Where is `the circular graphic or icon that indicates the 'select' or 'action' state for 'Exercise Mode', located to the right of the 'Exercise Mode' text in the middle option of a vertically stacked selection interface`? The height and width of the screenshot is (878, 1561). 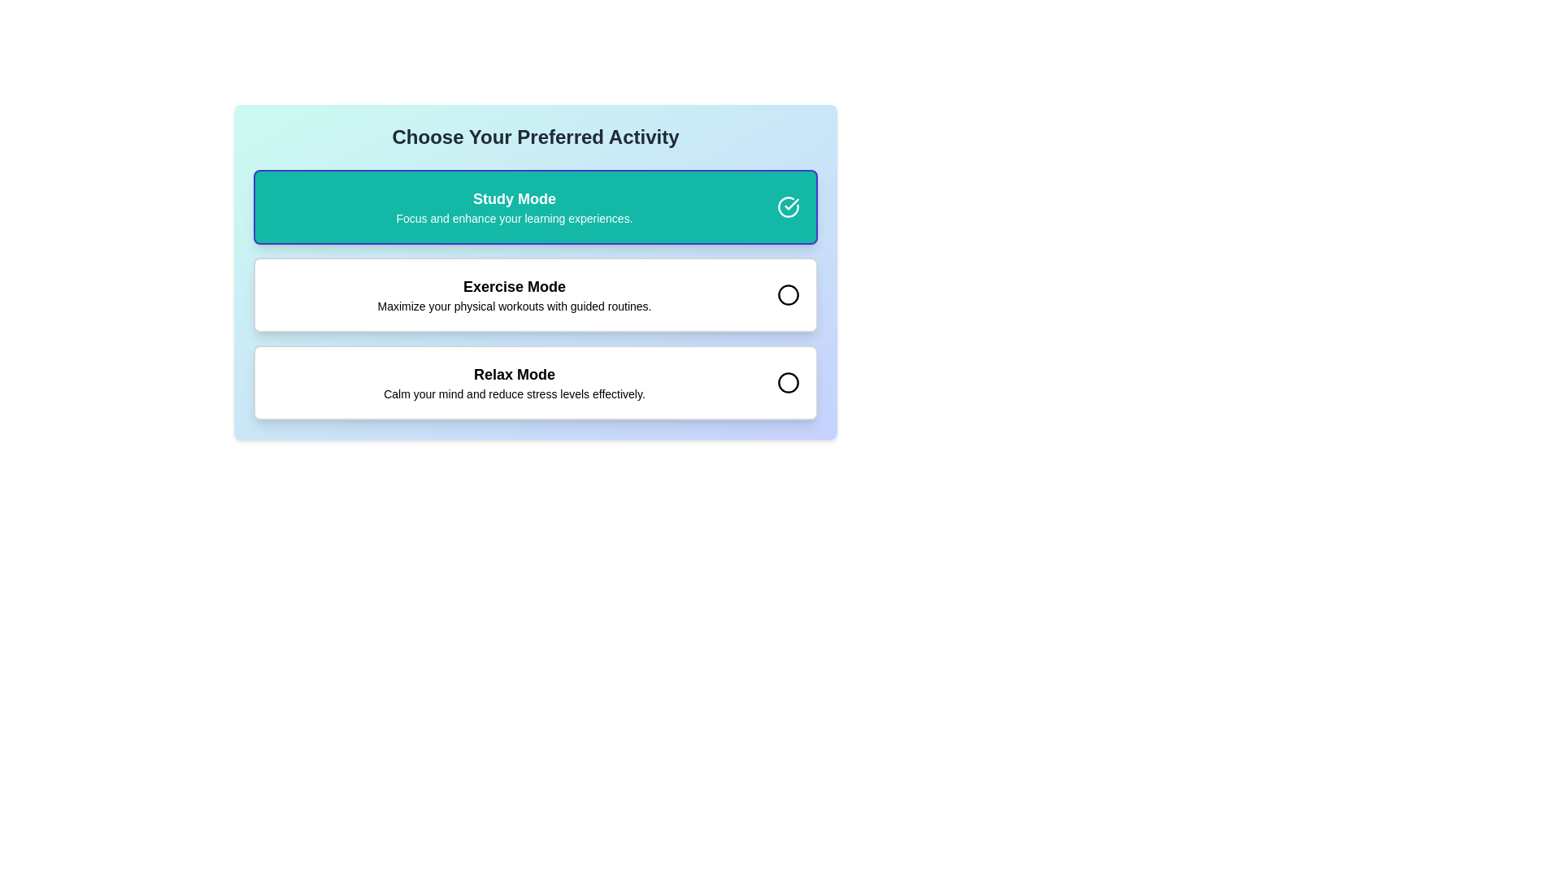
the circular graphic or icon that indicates the 'select' or 'action' state for 'Exercise Mode', located to the right of the 'Exercise Mode' text in the middle option of a vertically stacked selection interface is located at coordinates (788, 294).